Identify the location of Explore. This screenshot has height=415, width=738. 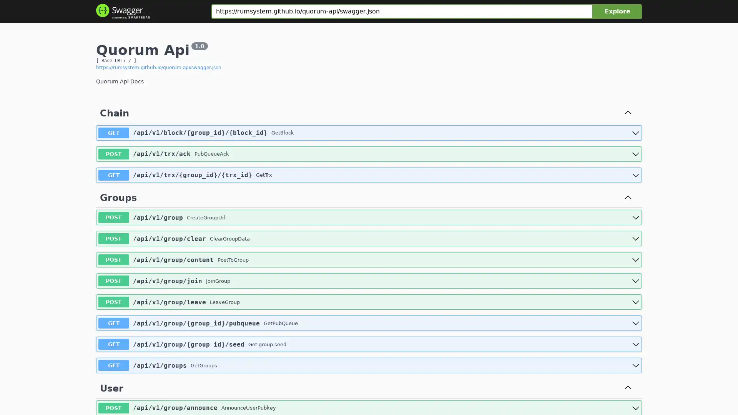
(617, 11).